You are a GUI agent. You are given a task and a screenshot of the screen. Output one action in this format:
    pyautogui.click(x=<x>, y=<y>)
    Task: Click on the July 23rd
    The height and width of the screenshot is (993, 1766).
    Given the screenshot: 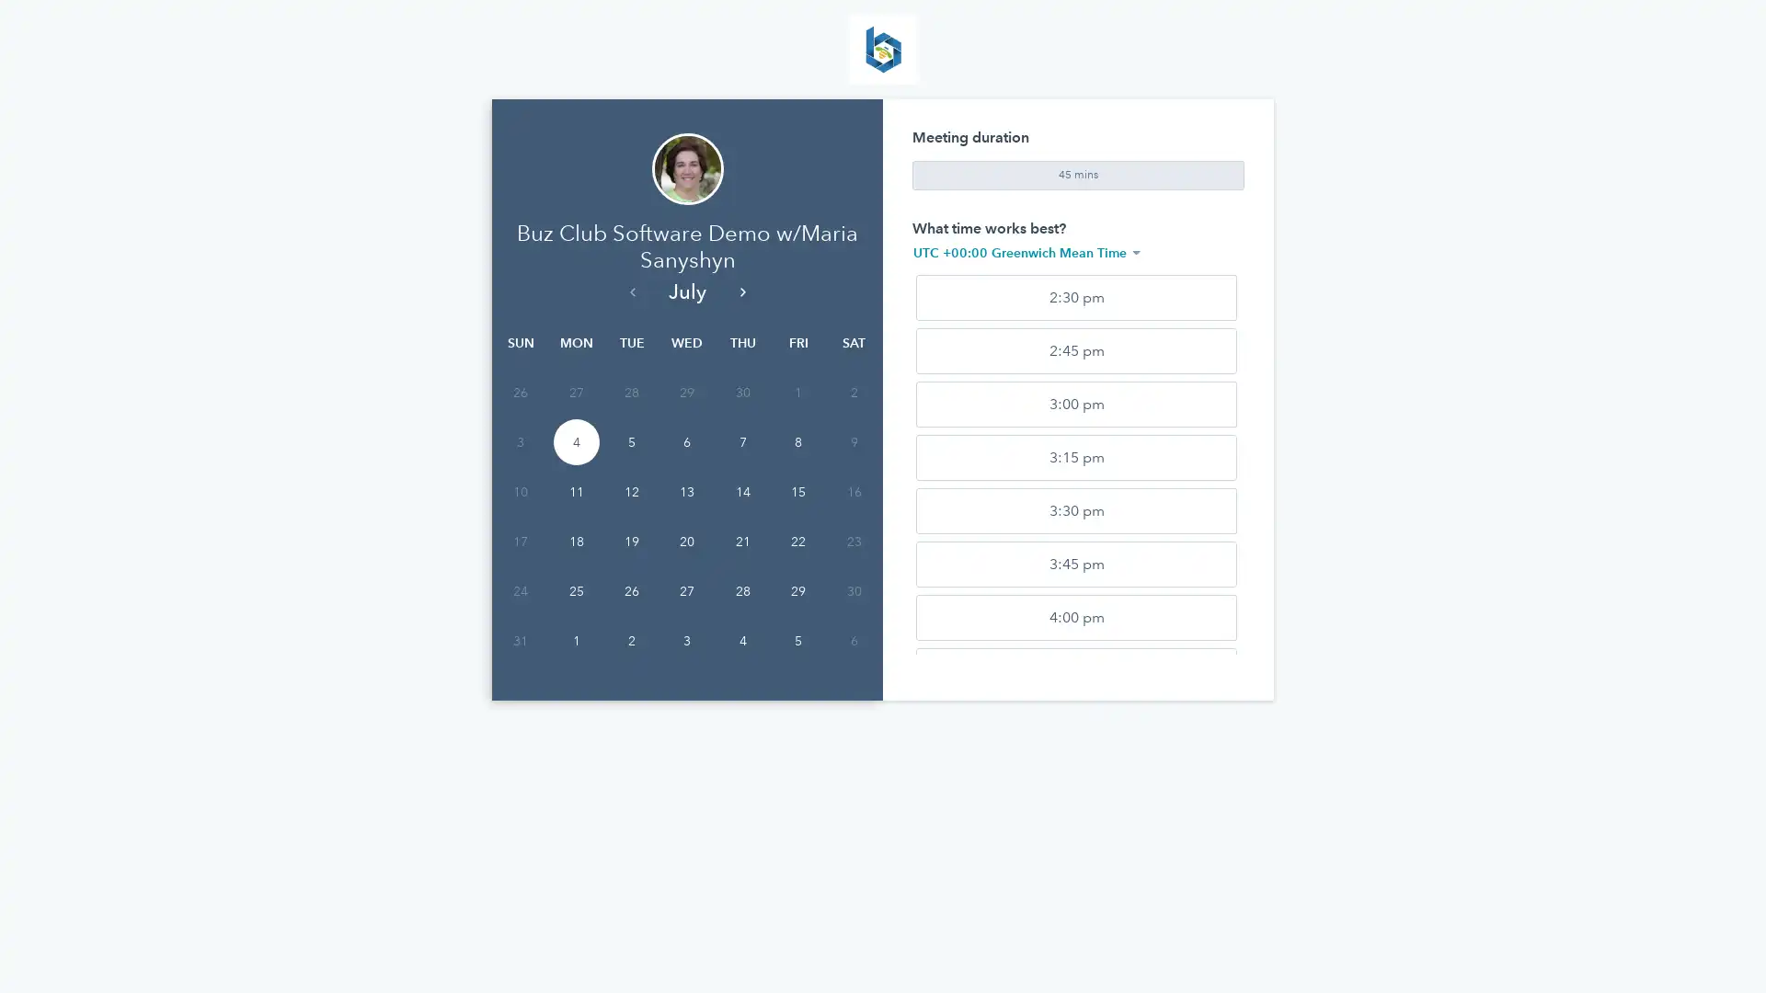 What is the action you would take?
    pyautogui.click(x=852, y=541)
    